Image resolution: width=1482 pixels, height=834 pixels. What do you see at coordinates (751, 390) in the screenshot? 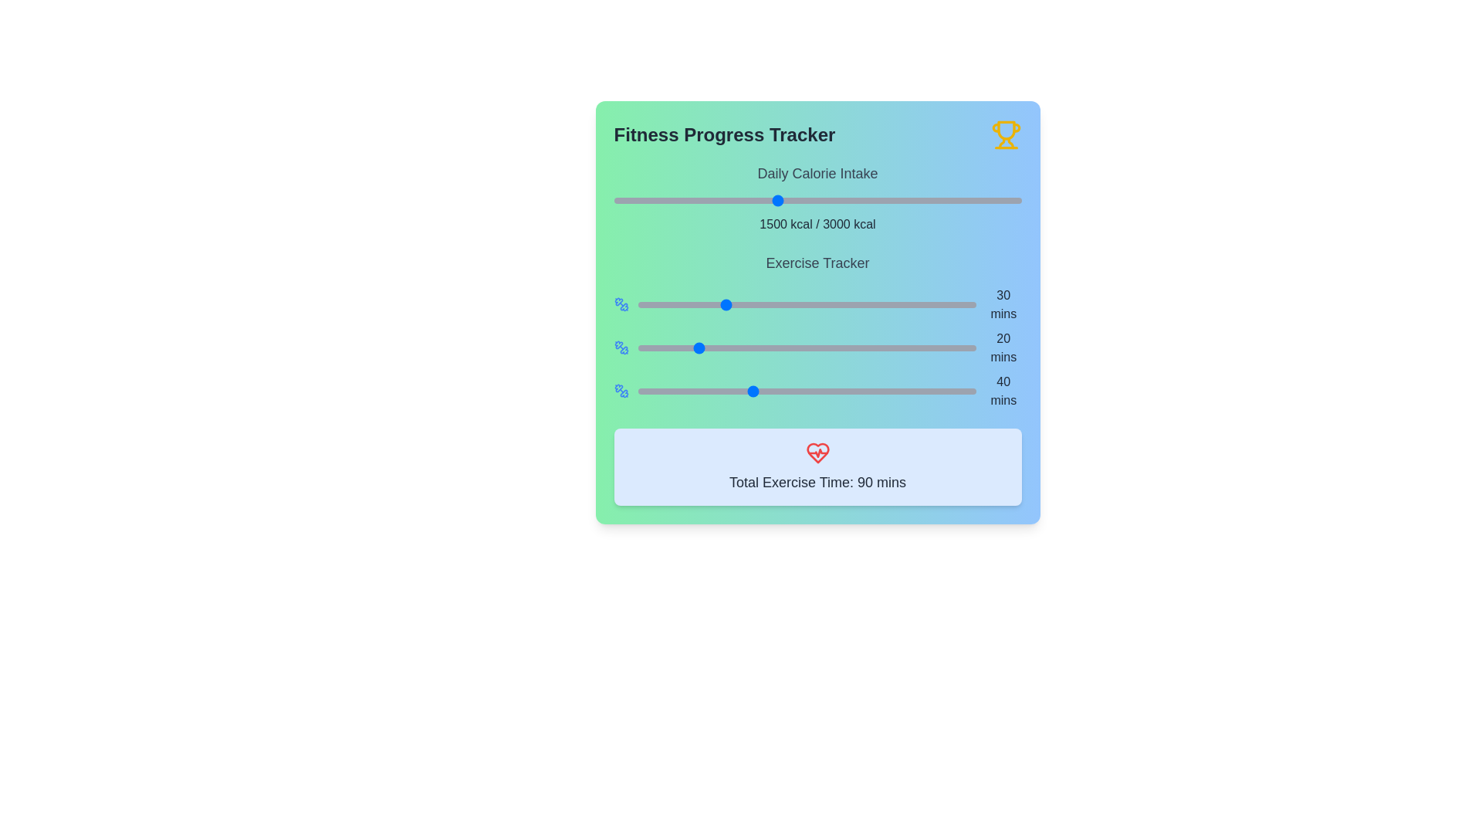
I see `the exercise duration` at bounding box center [751, 390].